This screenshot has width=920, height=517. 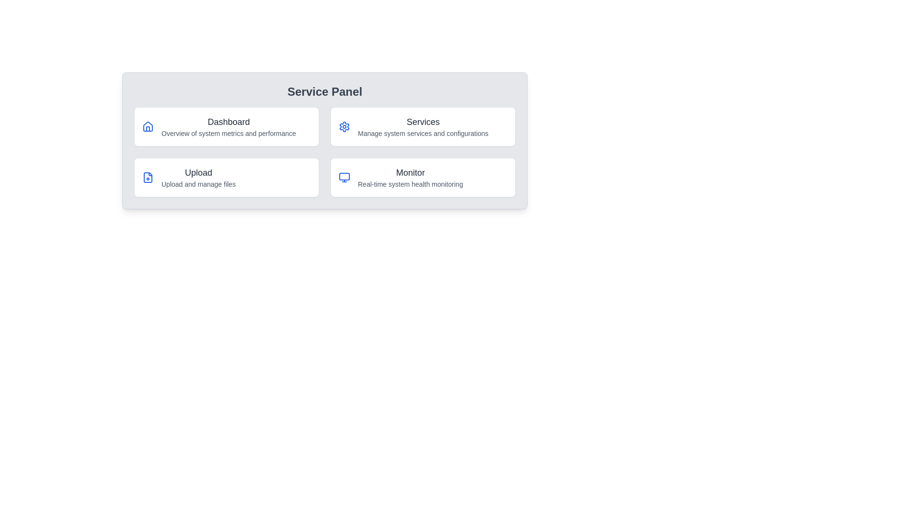 I want to click on the text label displaying 'Real-time system health monitoring', which is located under the 'Monitor' heading in the Service Panel interface, so click(x=410, y=184).